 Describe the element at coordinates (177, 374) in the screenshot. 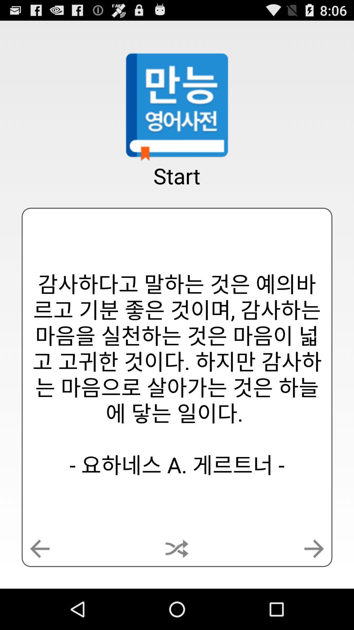

I see `item at the center` at that location.